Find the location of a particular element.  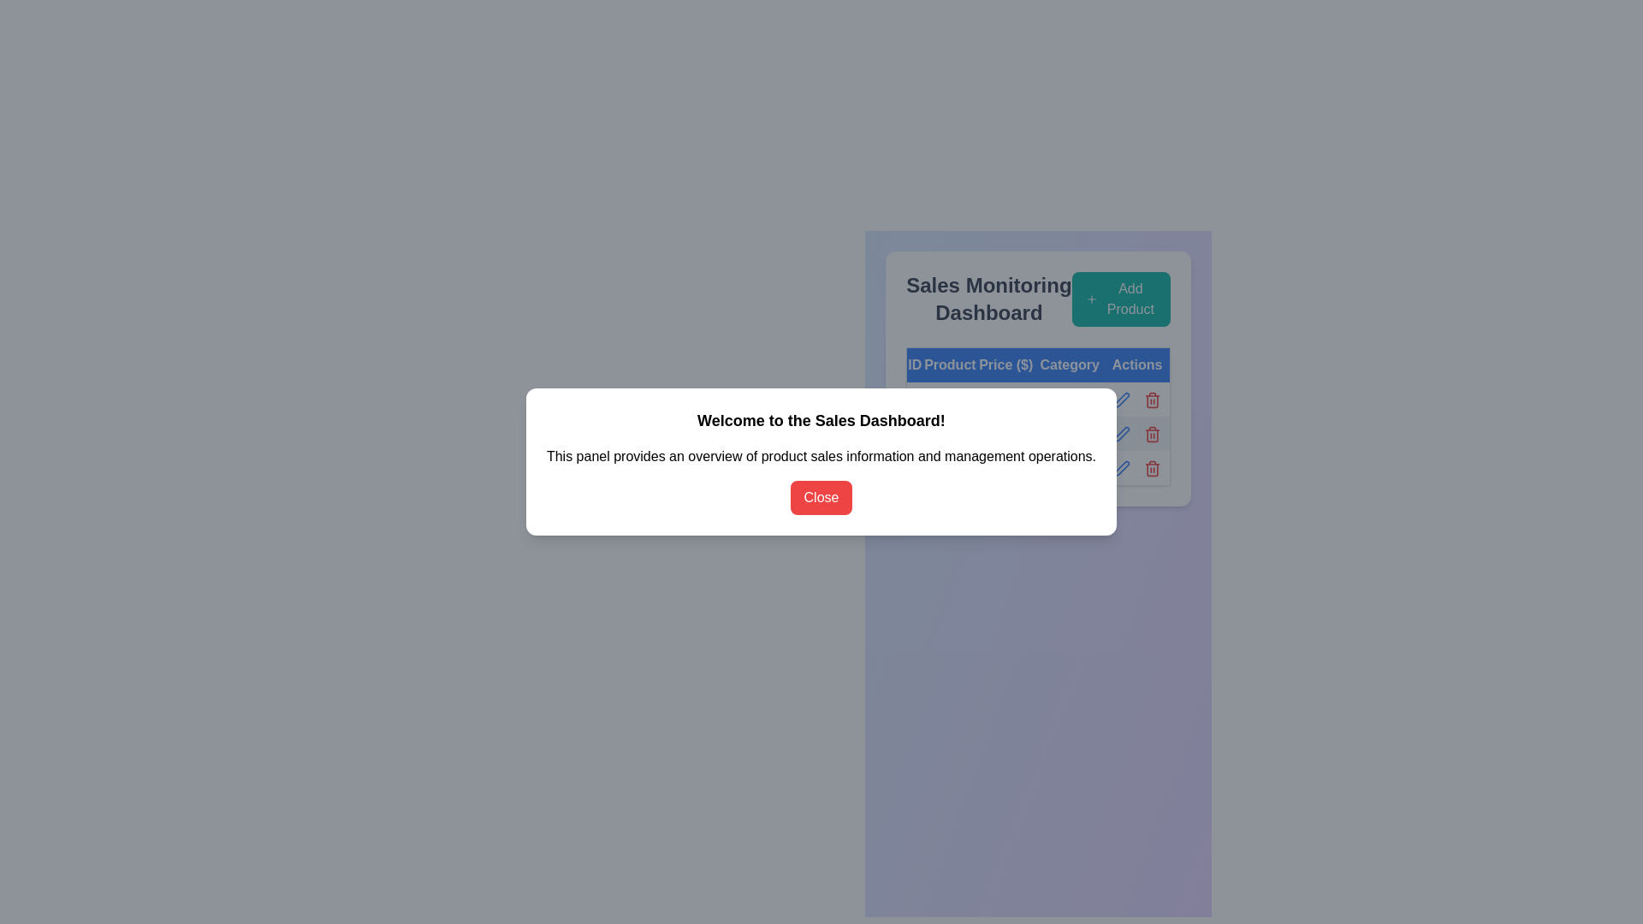

the blue pen-shaped icon located in the 'Actions' column of the data table is located at coordinates (1122, 468).